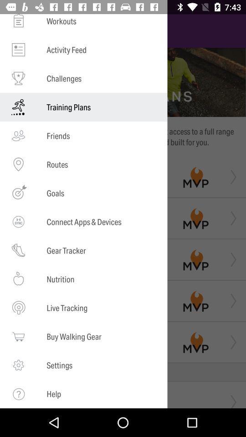  Describe the element at coordinates (18, 336) in the screenshot. I see `the icon which is left to the text buy walking gear` at that location.